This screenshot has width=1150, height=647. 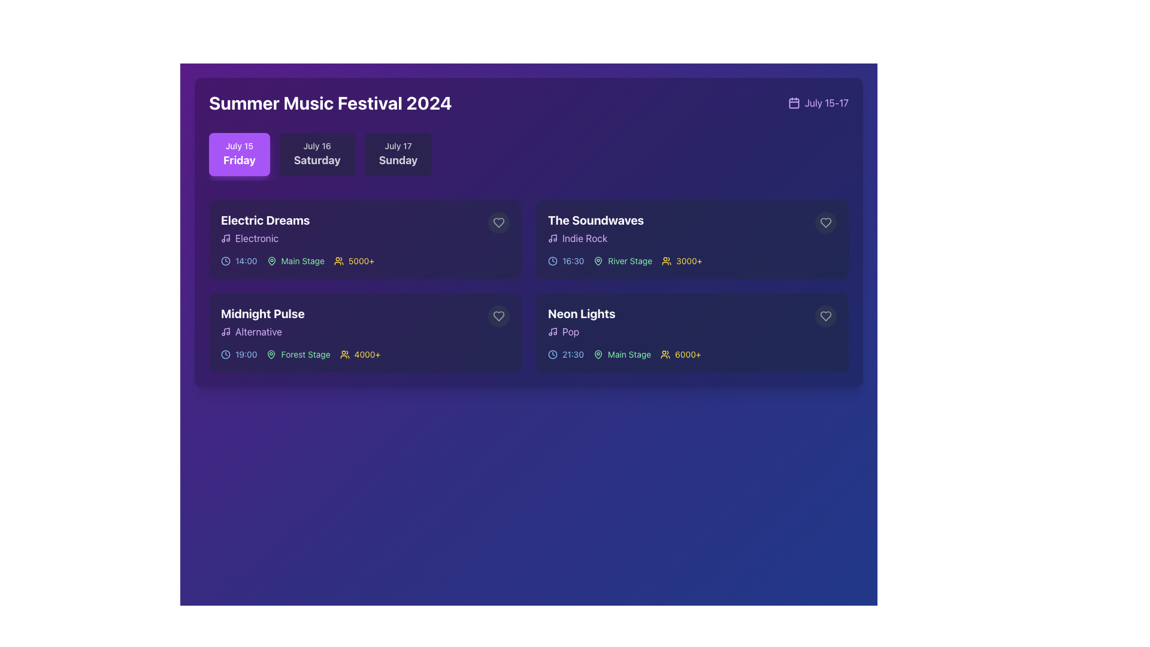 I want to click on the map pin icon located to the left of the 'River Stage' text, which serves as a visual marker for a geographic location, so click(x=598, y=260).